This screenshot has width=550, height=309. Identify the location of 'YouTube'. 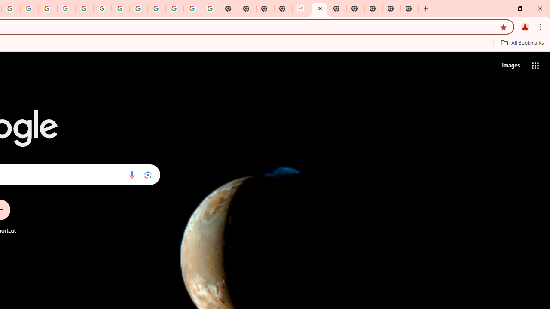
(120, 9).